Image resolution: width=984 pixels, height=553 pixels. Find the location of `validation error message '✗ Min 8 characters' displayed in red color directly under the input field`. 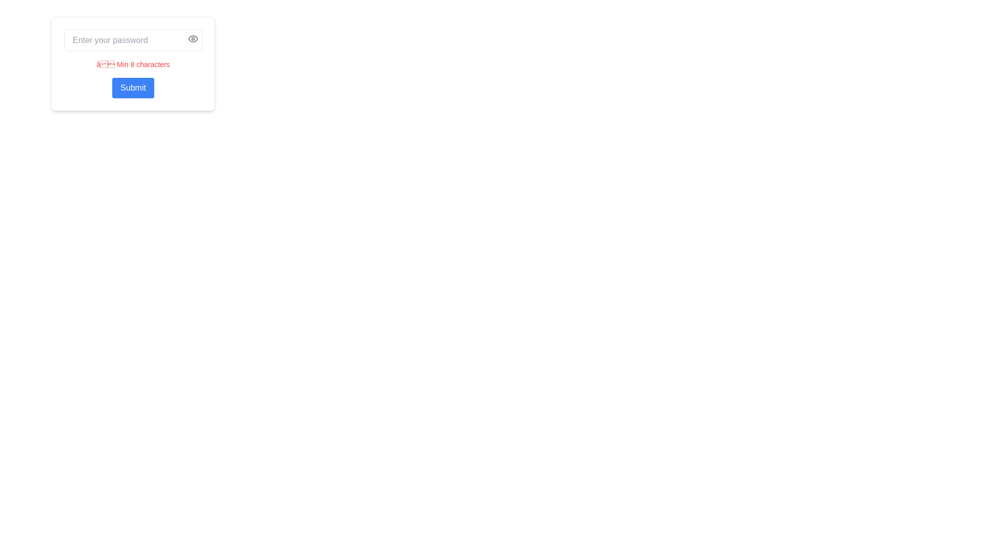

validation error message '✗ Min 8 characters' displayed in red color directly under the input field is located at coordinates (132, 65).